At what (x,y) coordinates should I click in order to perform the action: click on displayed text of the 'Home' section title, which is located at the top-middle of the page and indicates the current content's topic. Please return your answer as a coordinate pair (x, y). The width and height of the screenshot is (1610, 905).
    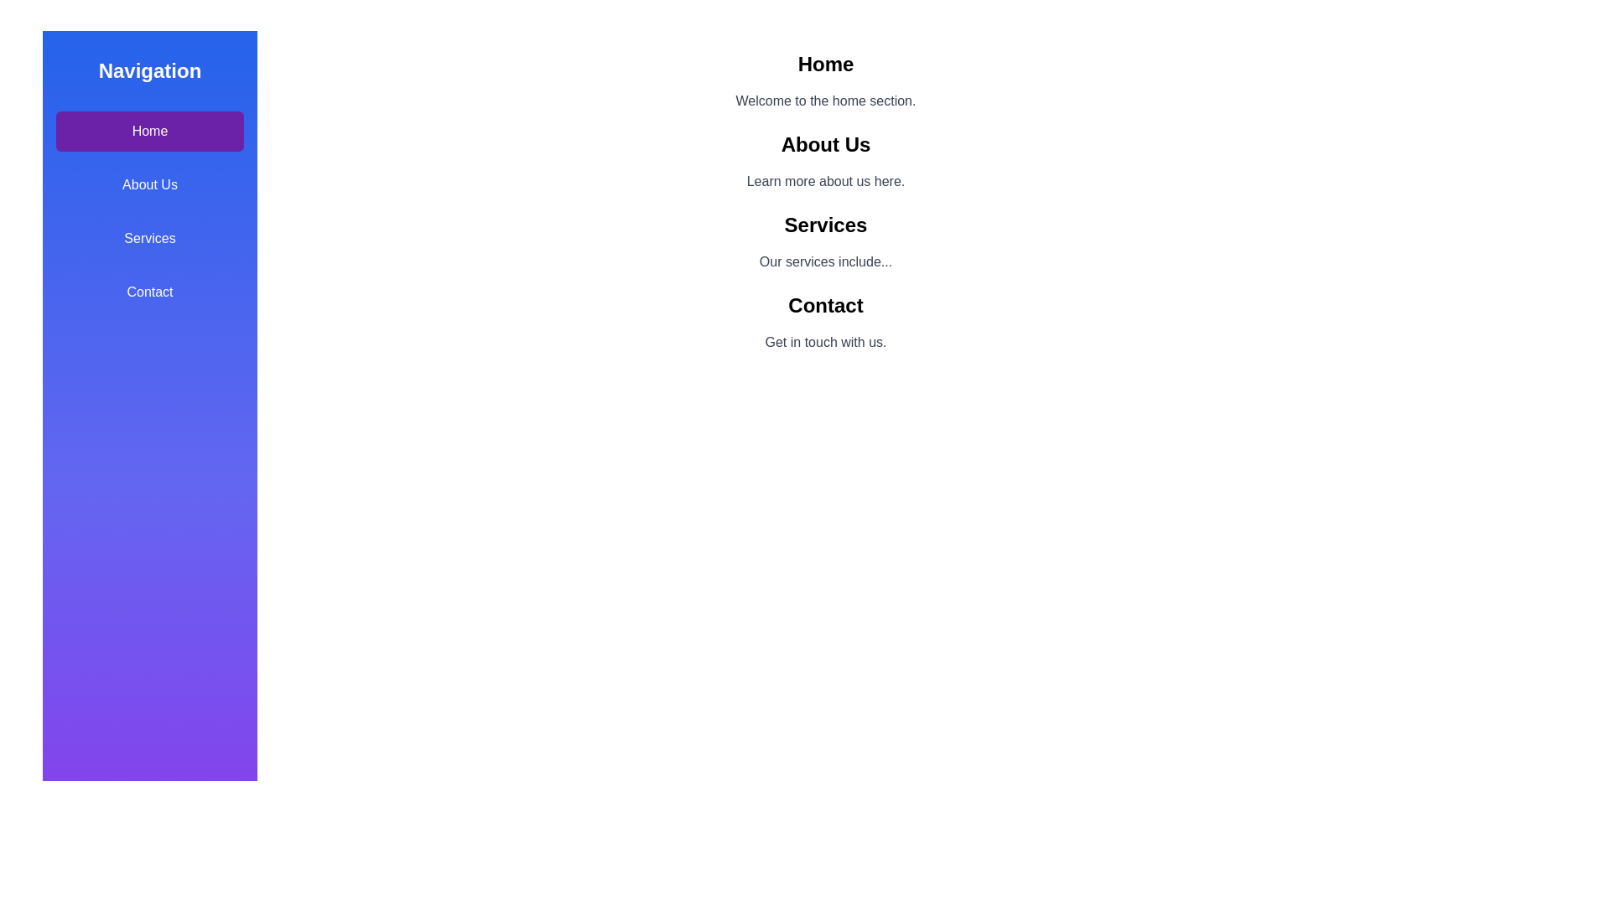
    Looking at the image, I should click on (825, 64).